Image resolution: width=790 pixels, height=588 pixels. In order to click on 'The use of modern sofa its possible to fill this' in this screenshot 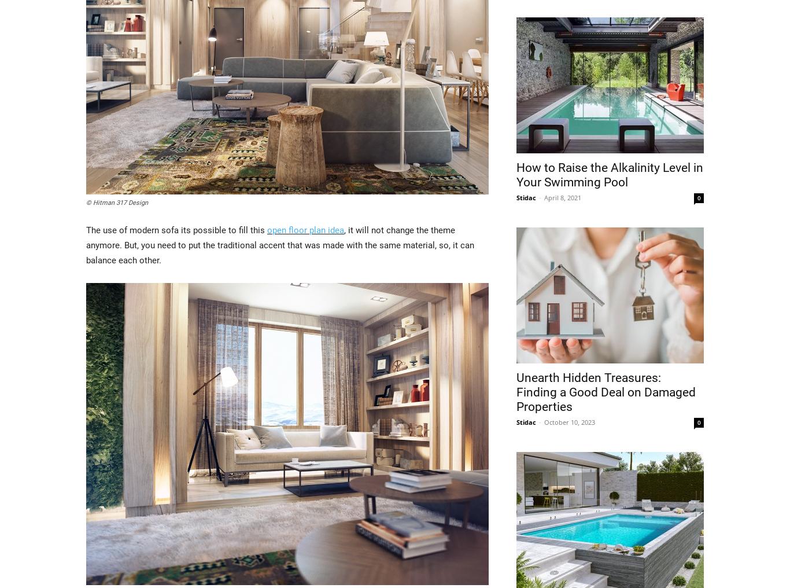, I will do `click(176, 229)`.